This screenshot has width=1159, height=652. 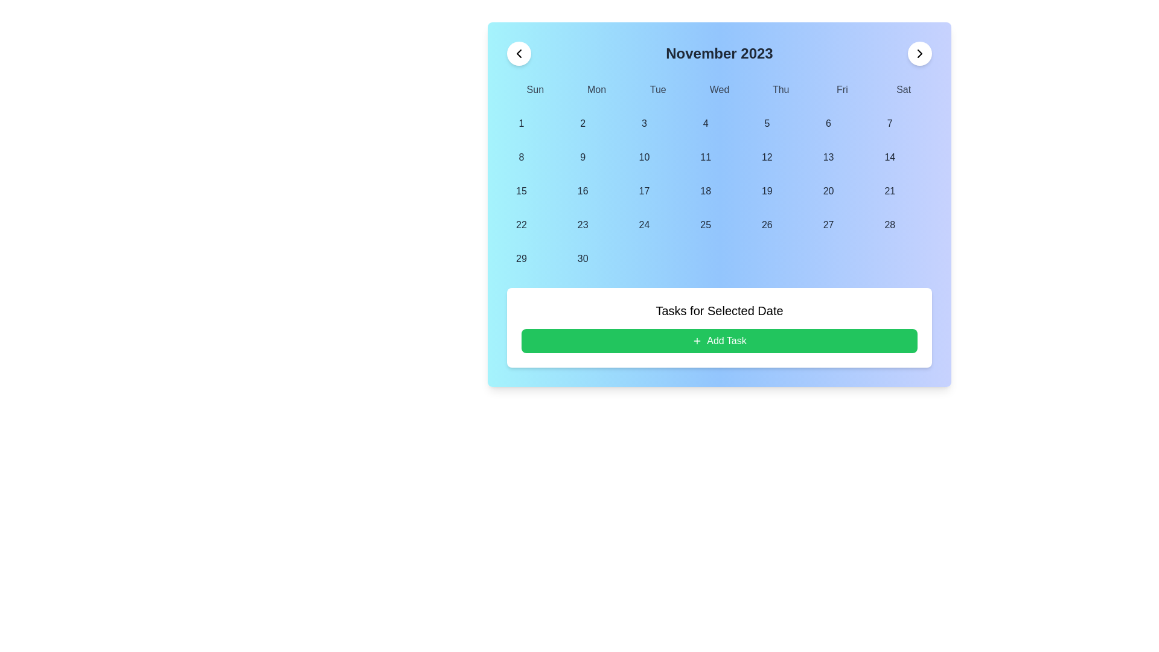 What do you see at coordinates (706, 190) in the screenshot?
I see `the circular button displaying the numeric value '18' with a blue gradient background located in the third row and fourth column of the calendar grid` at bounding box center [706, 190].